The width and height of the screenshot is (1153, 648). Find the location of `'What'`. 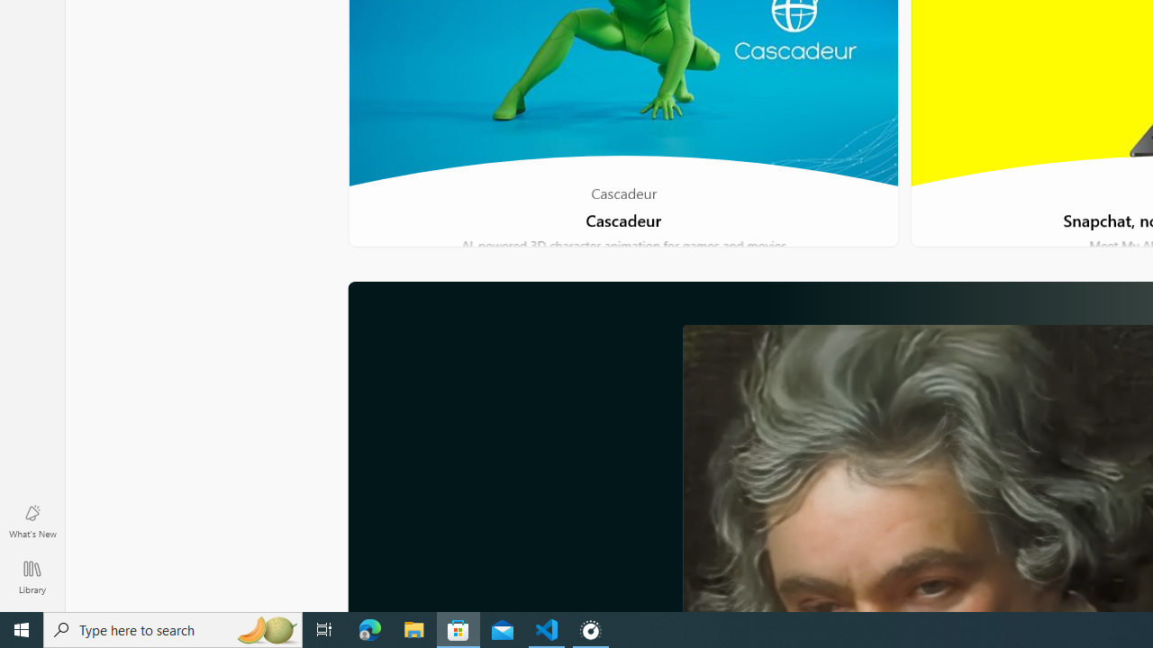

'What' is located at coordinates (32, 520).